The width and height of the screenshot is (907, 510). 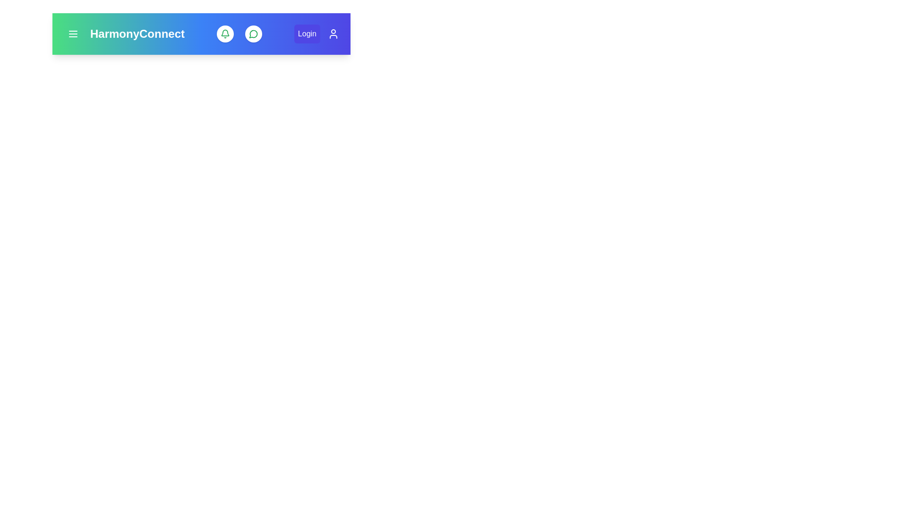 I want to click on bell icon to view notifications, so click(x=224, y=34).